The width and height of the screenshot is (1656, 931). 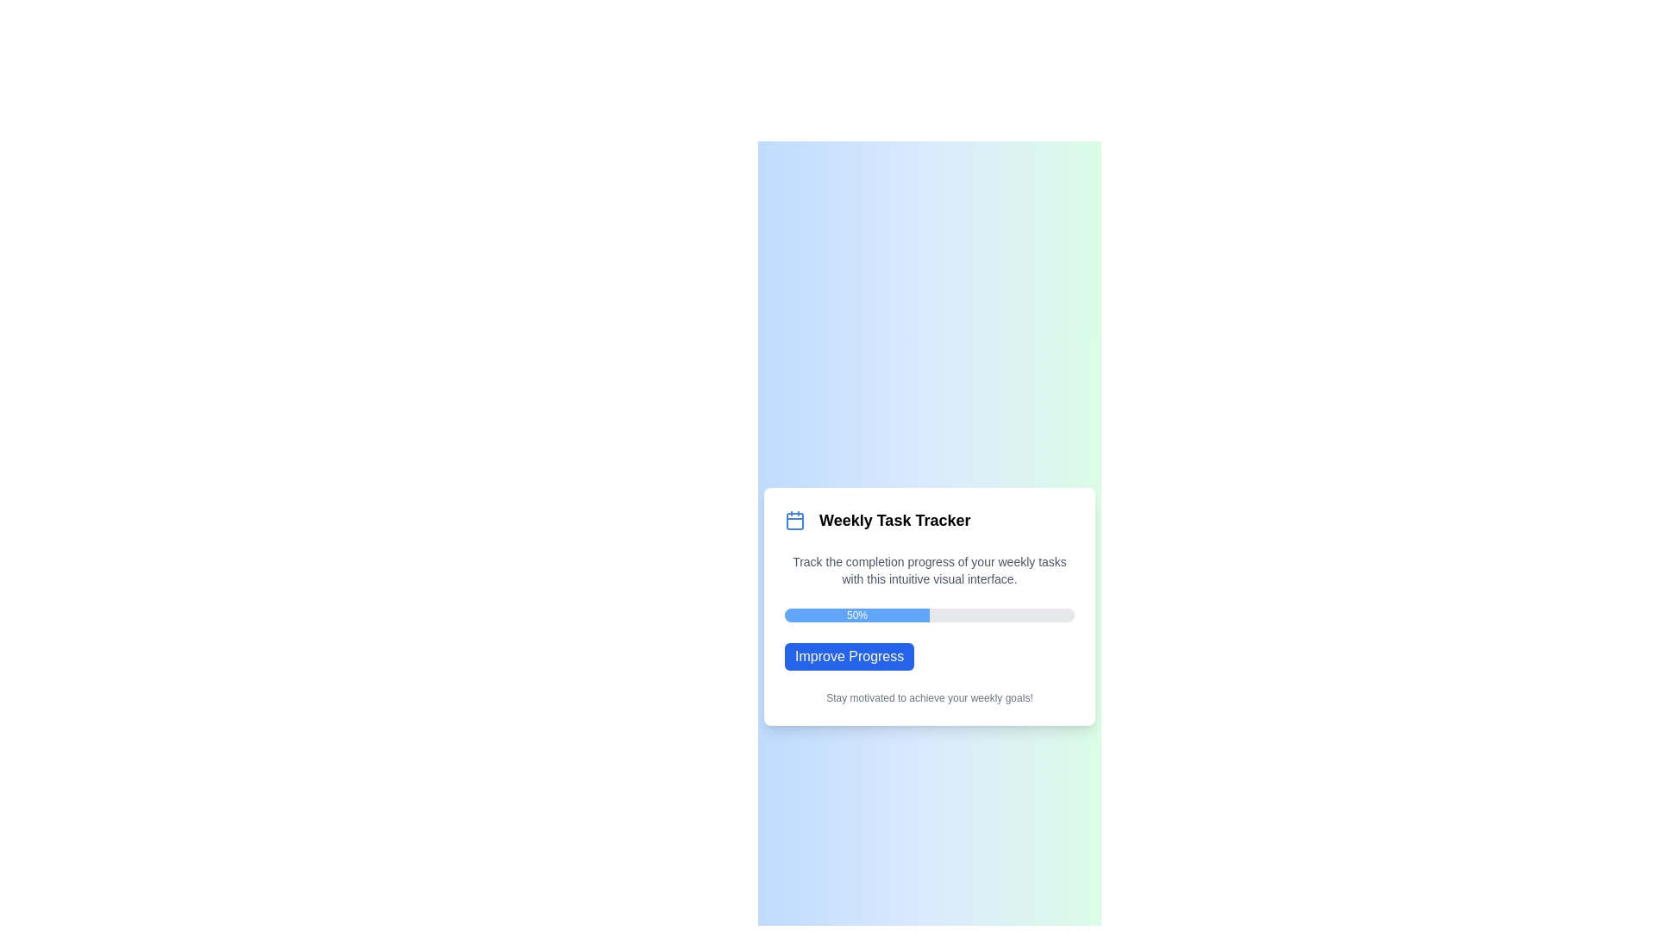 What do you see at coordinates (929, 698) in the screenshot?
I see `the motivational text located at the bottom of the card in the 'Weekly Task Tracker' application, positioned directly below the 'Improve Progress' button` at bounding box center [929, 698].